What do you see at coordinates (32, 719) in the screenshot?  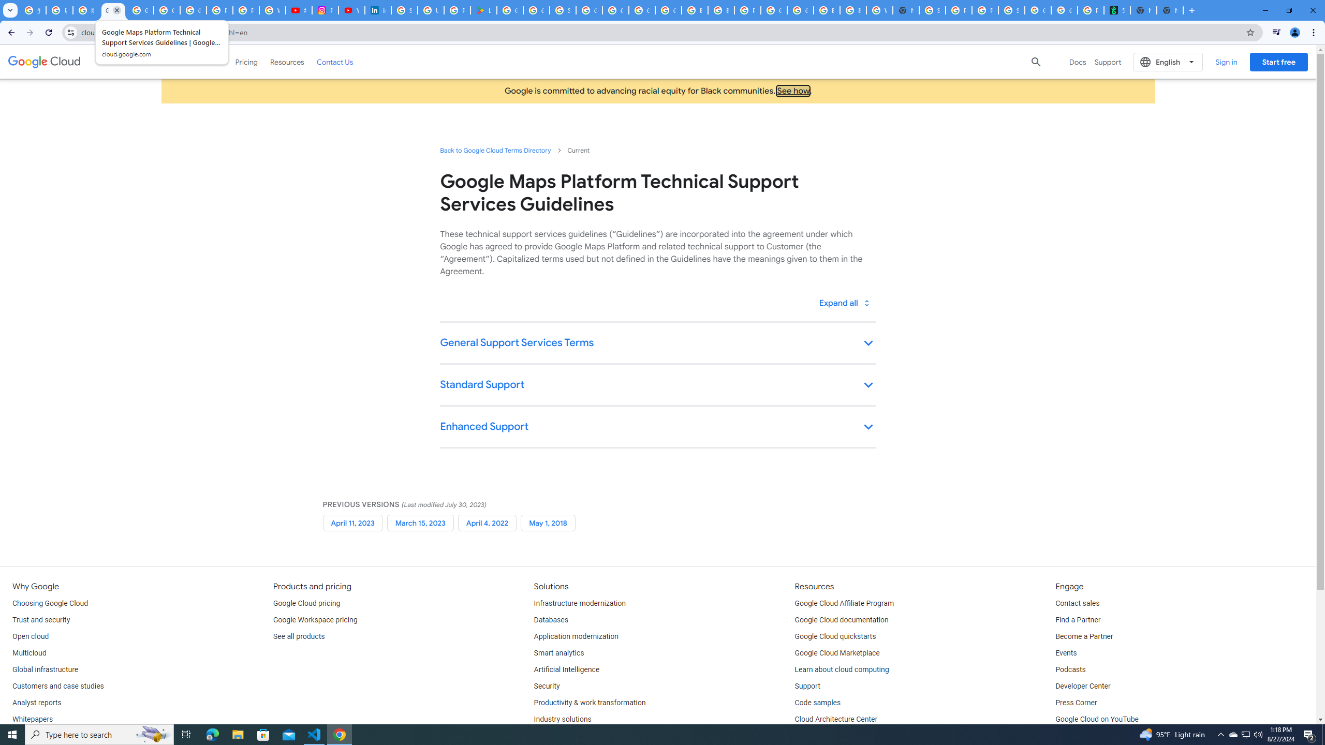 I see `'Whitepapers'` at bounding box center [32, 719].